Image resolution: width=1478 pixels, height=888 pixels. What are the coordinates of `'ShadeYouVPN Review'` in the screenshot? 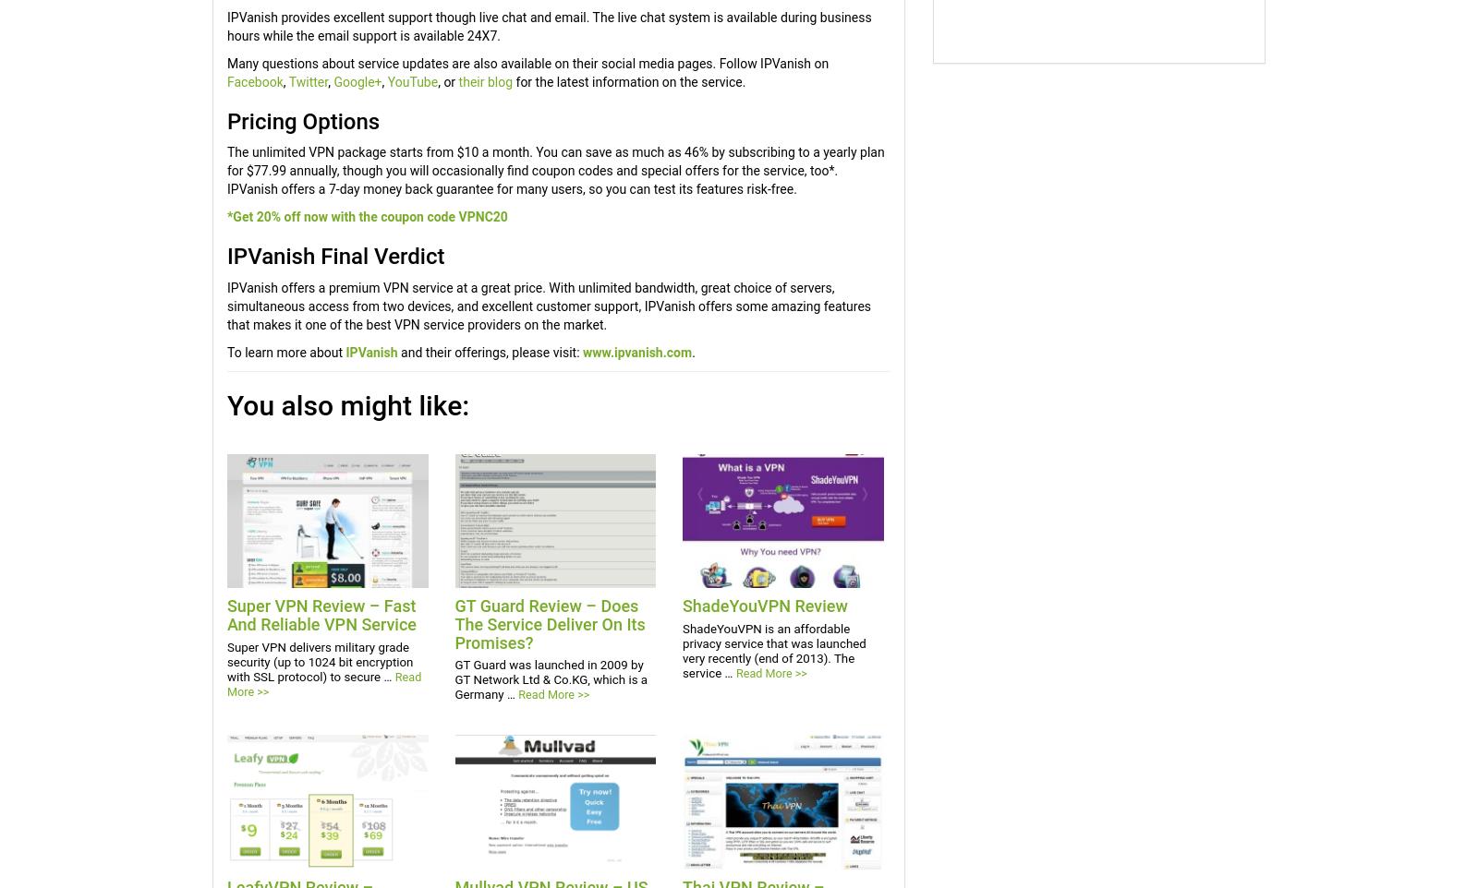 It's located at (763, 605).